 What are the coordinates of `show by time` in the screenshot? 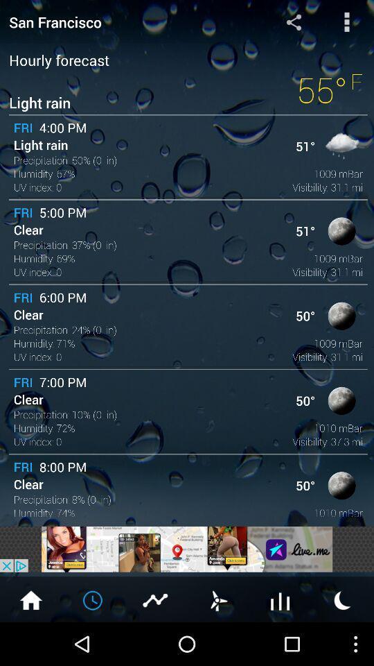 It's located at (93, 599).